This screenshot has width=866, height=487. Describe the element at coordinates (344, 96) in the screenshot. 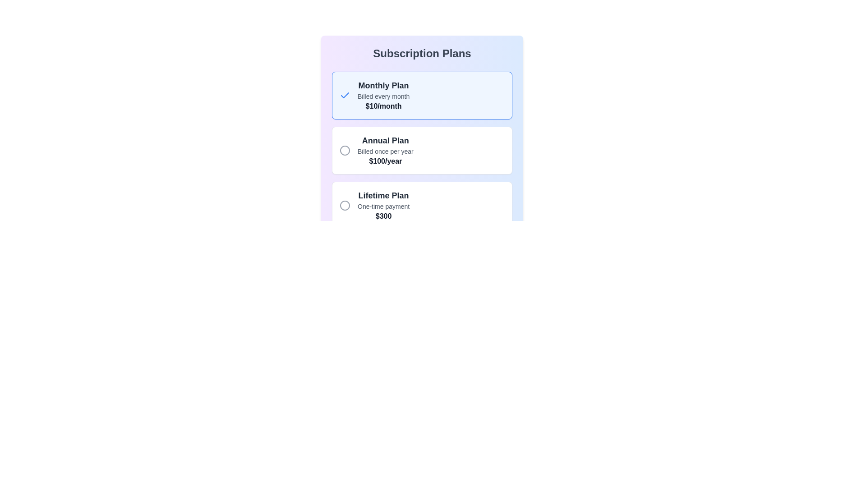

I see `the visual state of the blue checkmark icon located to the left of the 'Monthly Plan' text in the subscription options` at that location.